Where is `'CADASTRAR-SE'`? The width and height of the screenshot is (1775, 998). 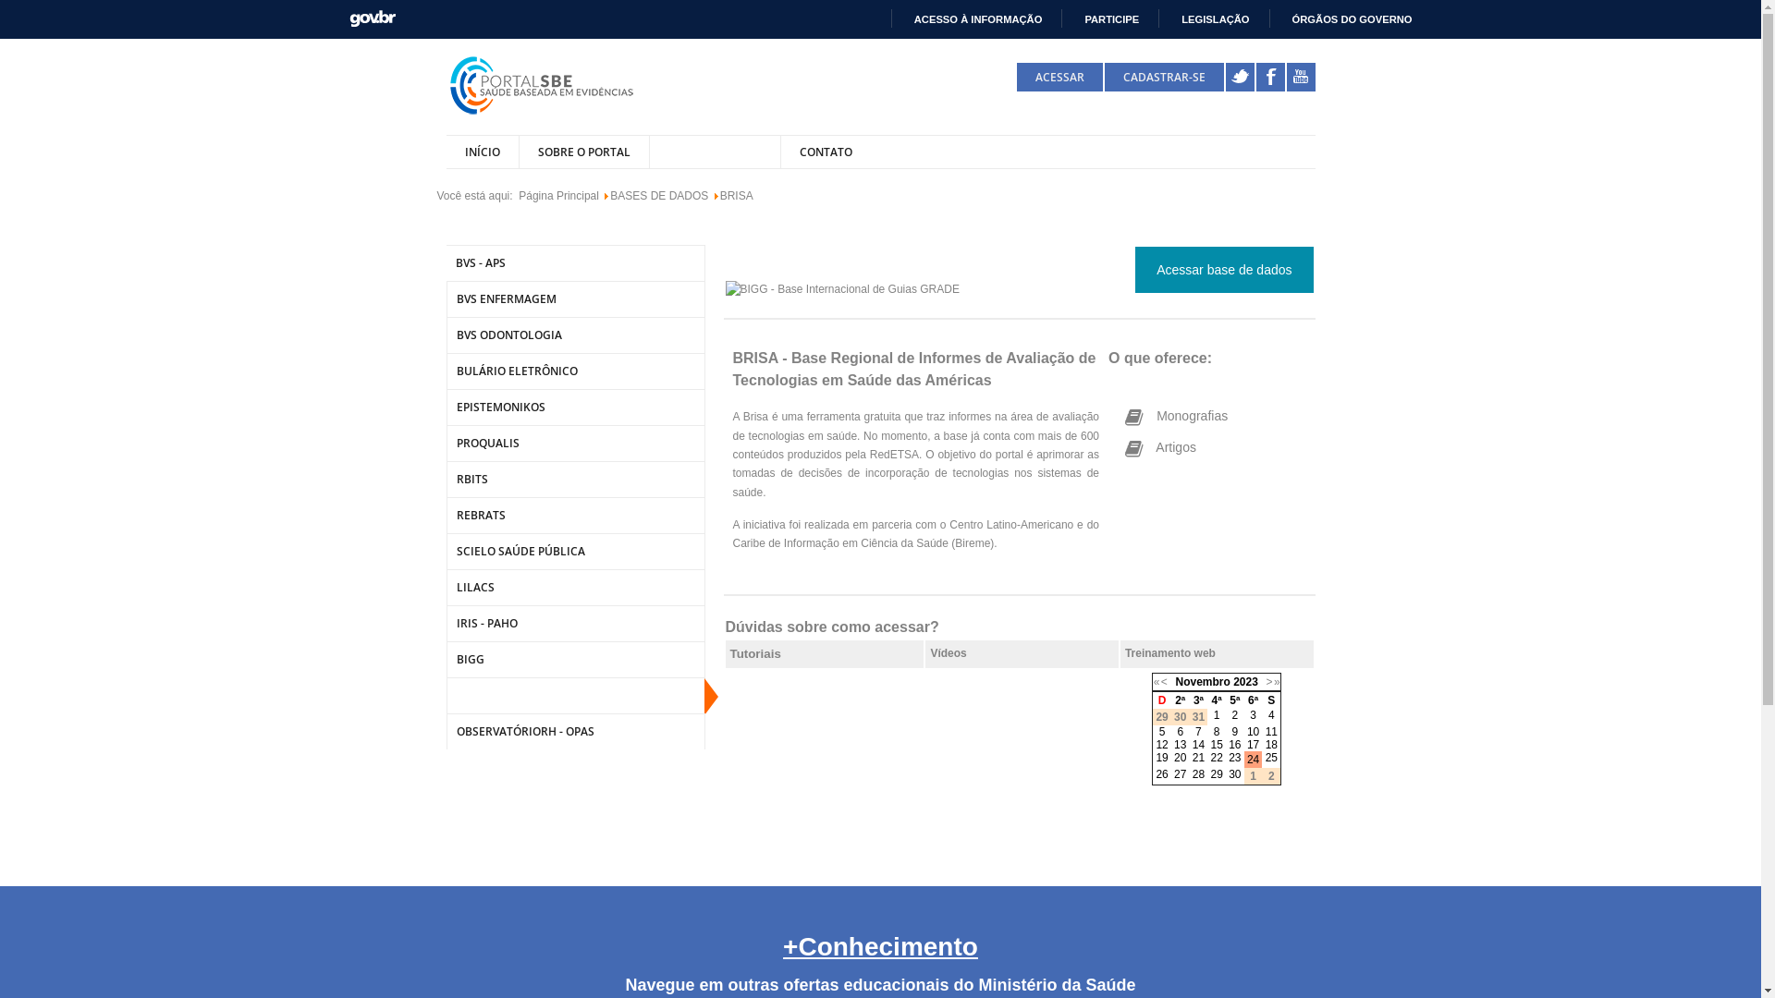
'CADASTRAR-SE' is located at coordinates (1162, 76).